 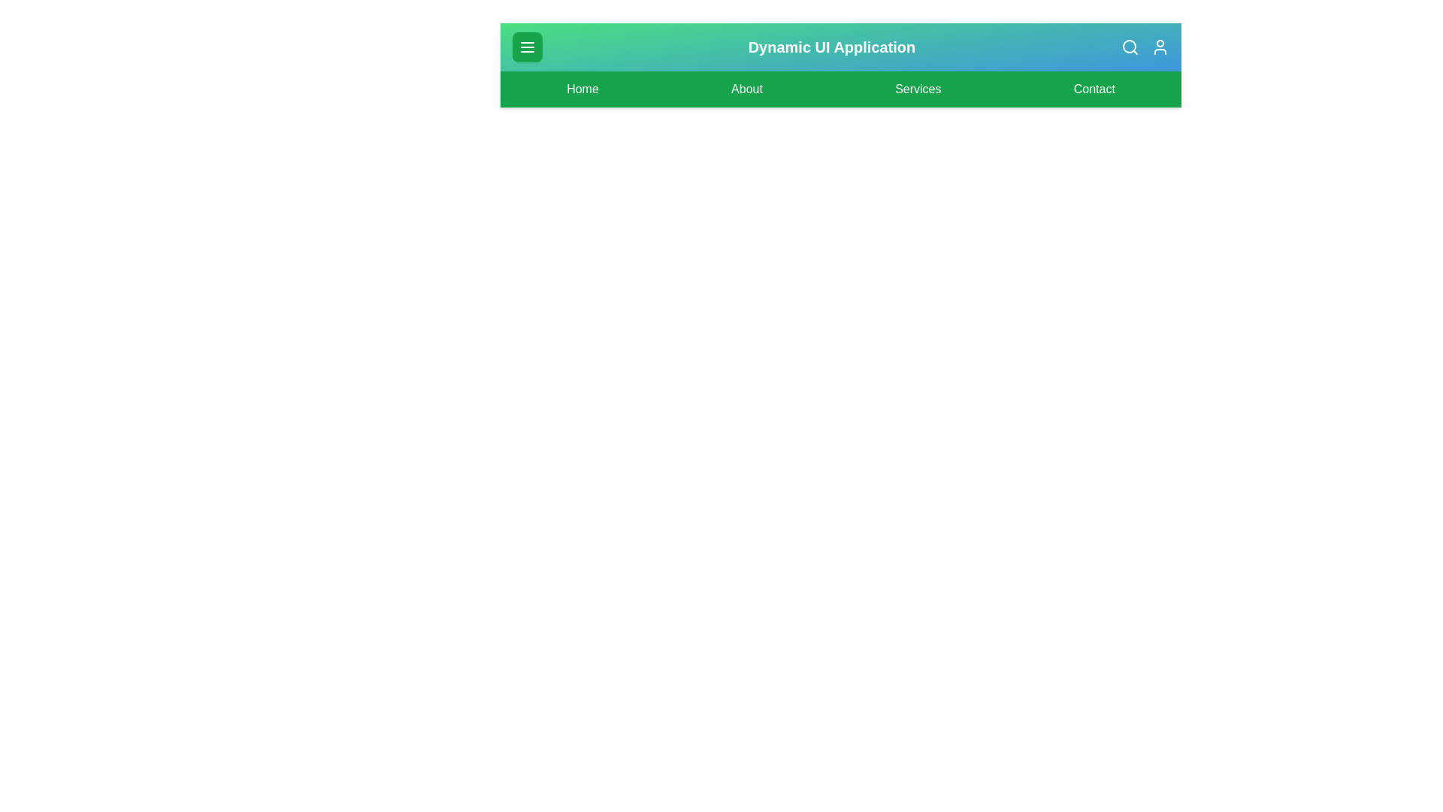 I want to click on the search icon in the CustomAppBar, so click(x=1130, y=46).